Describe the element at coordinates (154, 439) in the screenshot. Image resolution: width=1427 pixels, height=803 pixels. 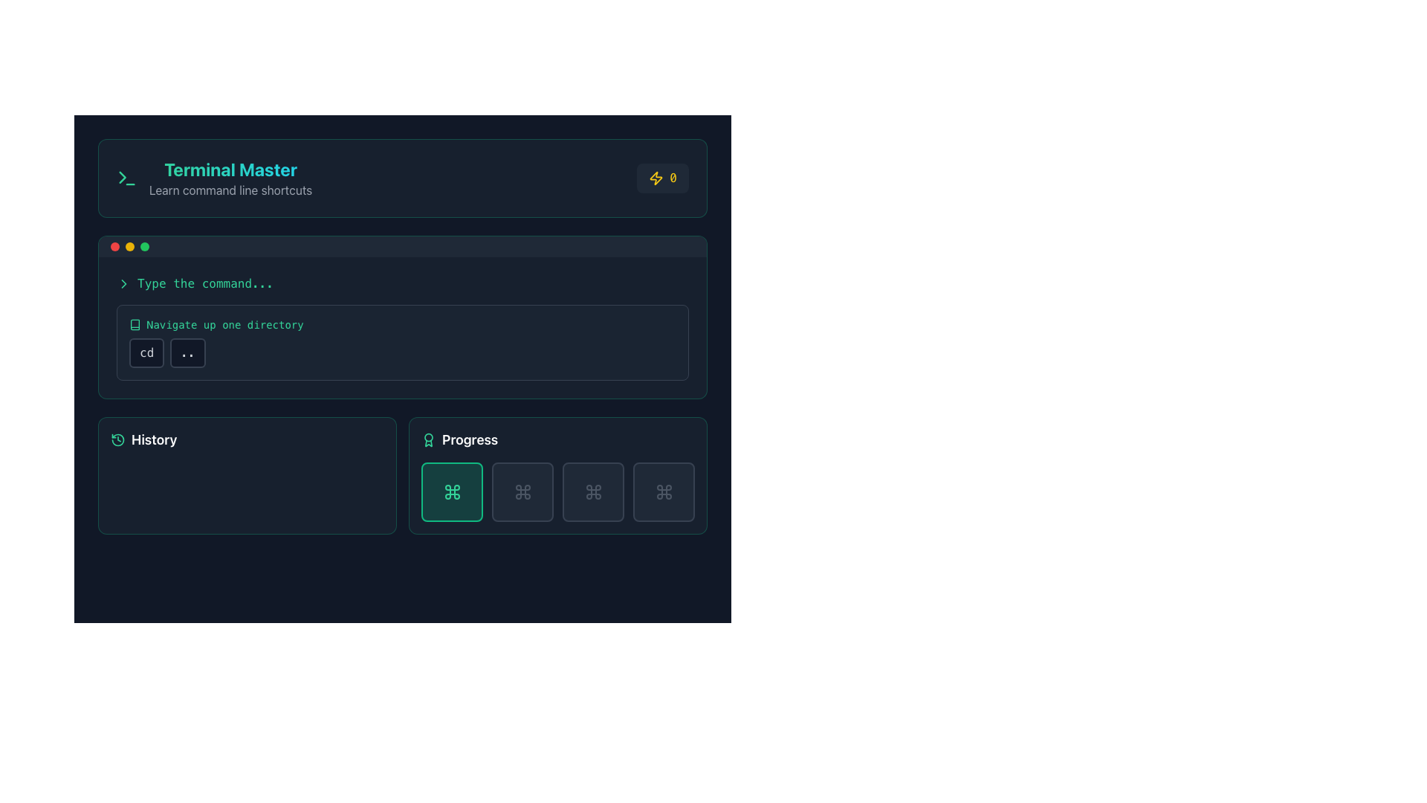
I see `the 'History' text label, which is prominently displayed in a large bold font within a dark-themed interface, located towards the bottom-left portion of the user interface next to a clock icon` at that location.